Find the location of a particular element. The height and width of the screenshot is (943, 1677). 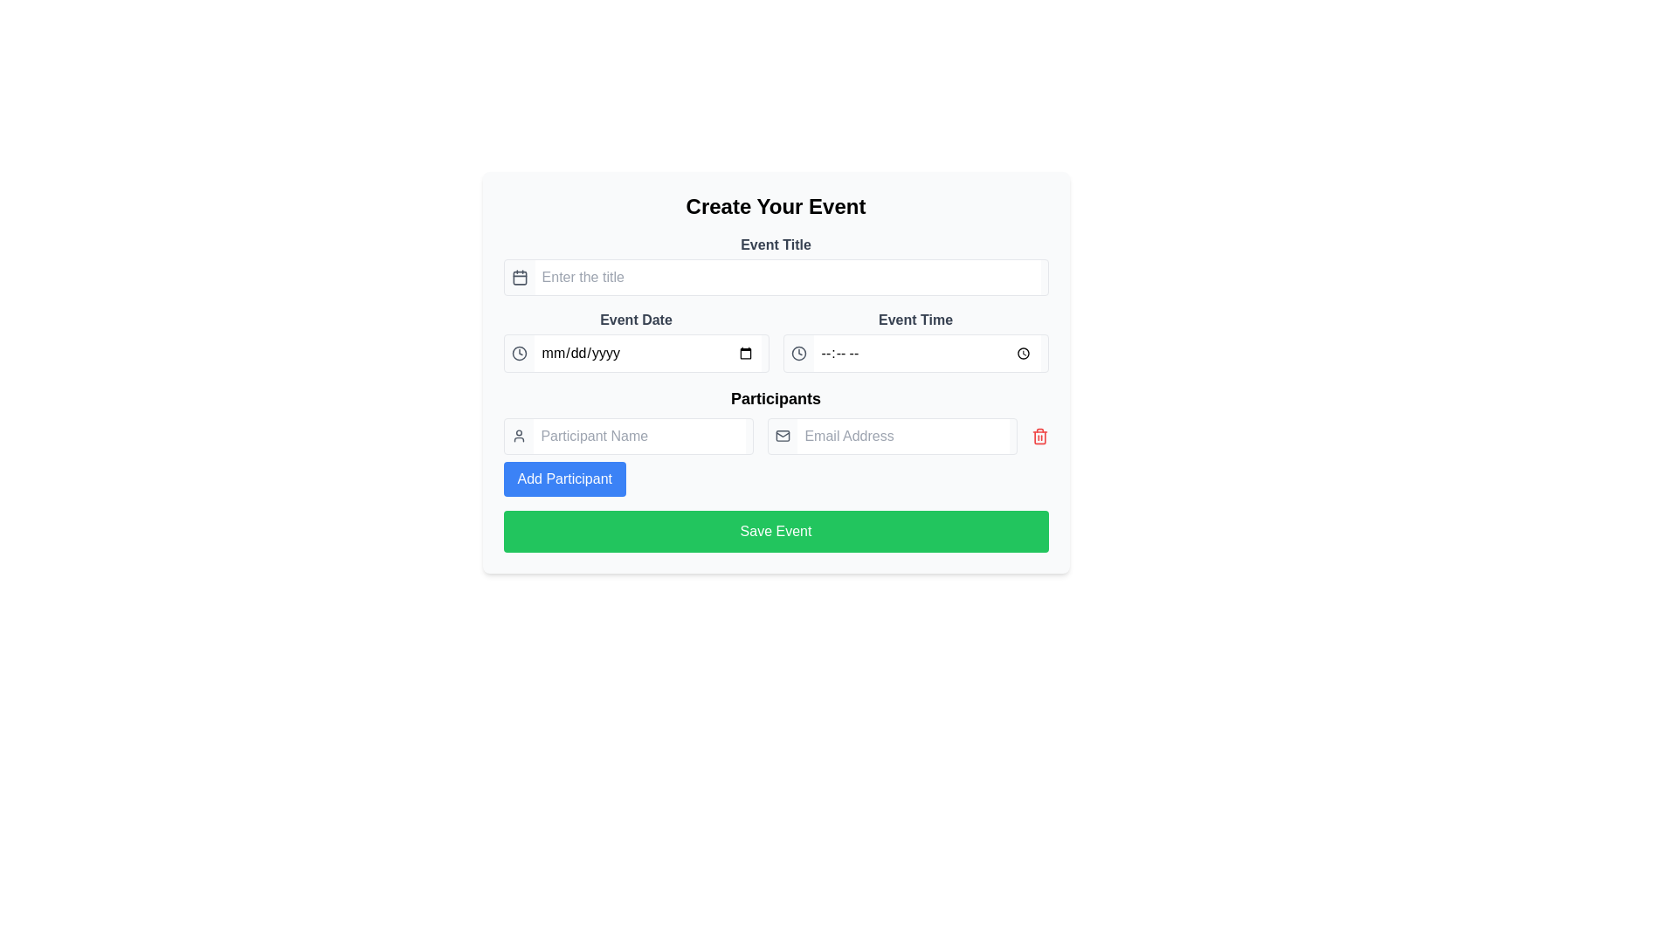

the rounded rectangle element that is part of the calendar icon, located inside the interface, to the left of the 'Enter the title' text entry field in the upper-left corner of the main form is located at coordinates (519, 277).